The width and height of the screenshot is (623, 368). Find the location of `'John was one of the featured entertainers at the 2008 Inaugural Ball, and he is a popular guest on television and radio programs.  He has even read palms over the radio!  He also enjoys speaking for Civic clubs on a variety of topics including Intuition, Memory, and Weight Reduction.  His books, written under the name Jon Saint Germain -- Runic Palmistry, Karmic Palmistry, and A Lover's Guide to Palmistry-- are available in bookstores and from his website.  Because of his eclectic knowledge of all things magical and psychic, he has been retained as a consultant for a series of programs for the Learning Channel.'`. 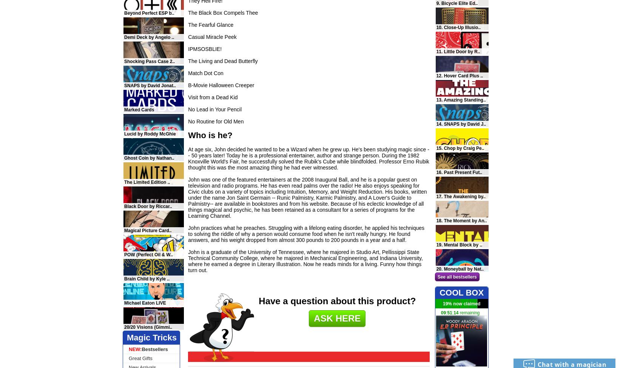

'John was one of the featured entertainers at the 2008 Inaugural Ball, and he is a popular guest on television and radio programs.  He has even read palms over the radio!  He also enjoys speaking for Civic clubs on a variety of topics including Intuition, Memory, and Weight Reduction.  His books, written under the name Jon Saint Germain -- Runic Palmistry, Karmic Palmistry, and A Lover's Guide to Palmistry-- are available in bookstores and from his website.  Because of his eclectic knowledge of all things magical and psychic, he has been retained as a consultant for a series of programs for the Learning Channel.' is located at coordinates (187, 197).